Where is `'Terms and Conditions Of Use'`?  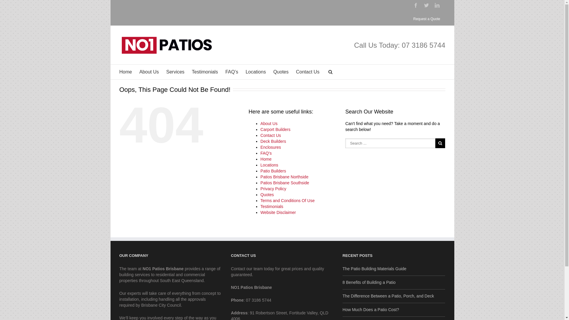 'Terms and Conditions Of Use' is located at coordinates (287, 200).